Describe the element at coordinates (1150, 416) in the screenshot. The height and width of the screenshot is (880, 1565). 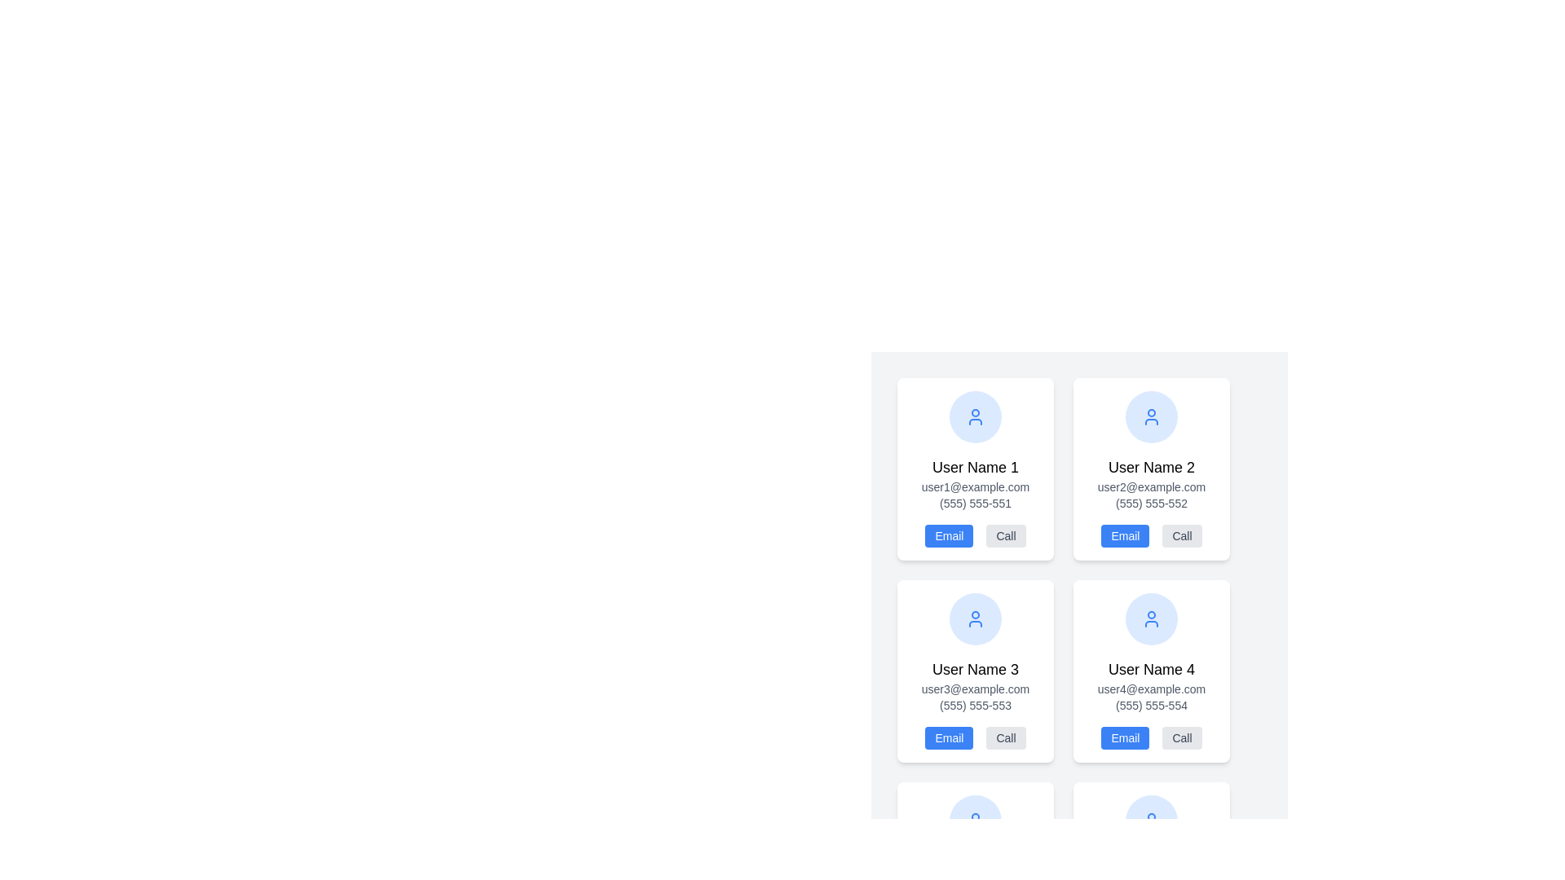
I see `the user icon represented by an outline of a head and shoulders in a blue circular background, located in the first card of the top row of the grid layout` at that location.